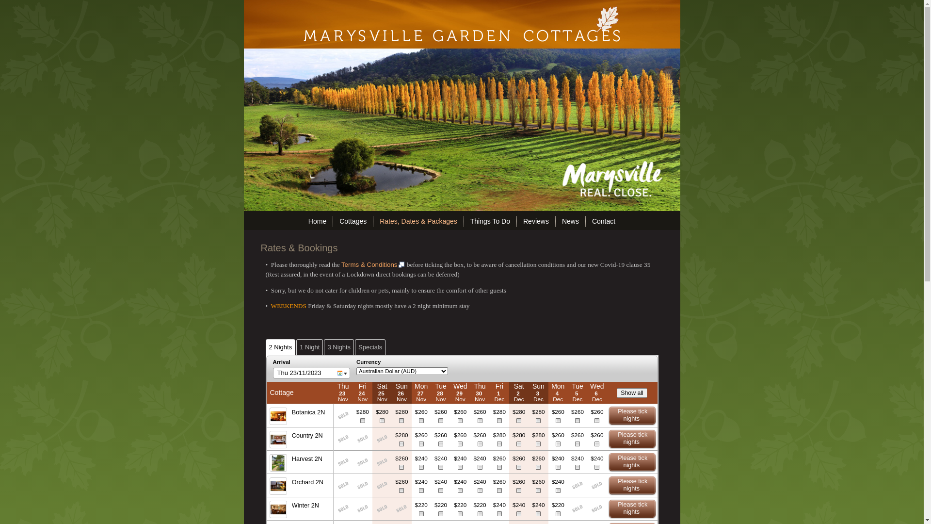 The height and width of the screenshot is (524, 931). What do you see at coordinates (280, 347) in the screenshot?
I see `'2 Nights'` at bounding box center [280, 347].